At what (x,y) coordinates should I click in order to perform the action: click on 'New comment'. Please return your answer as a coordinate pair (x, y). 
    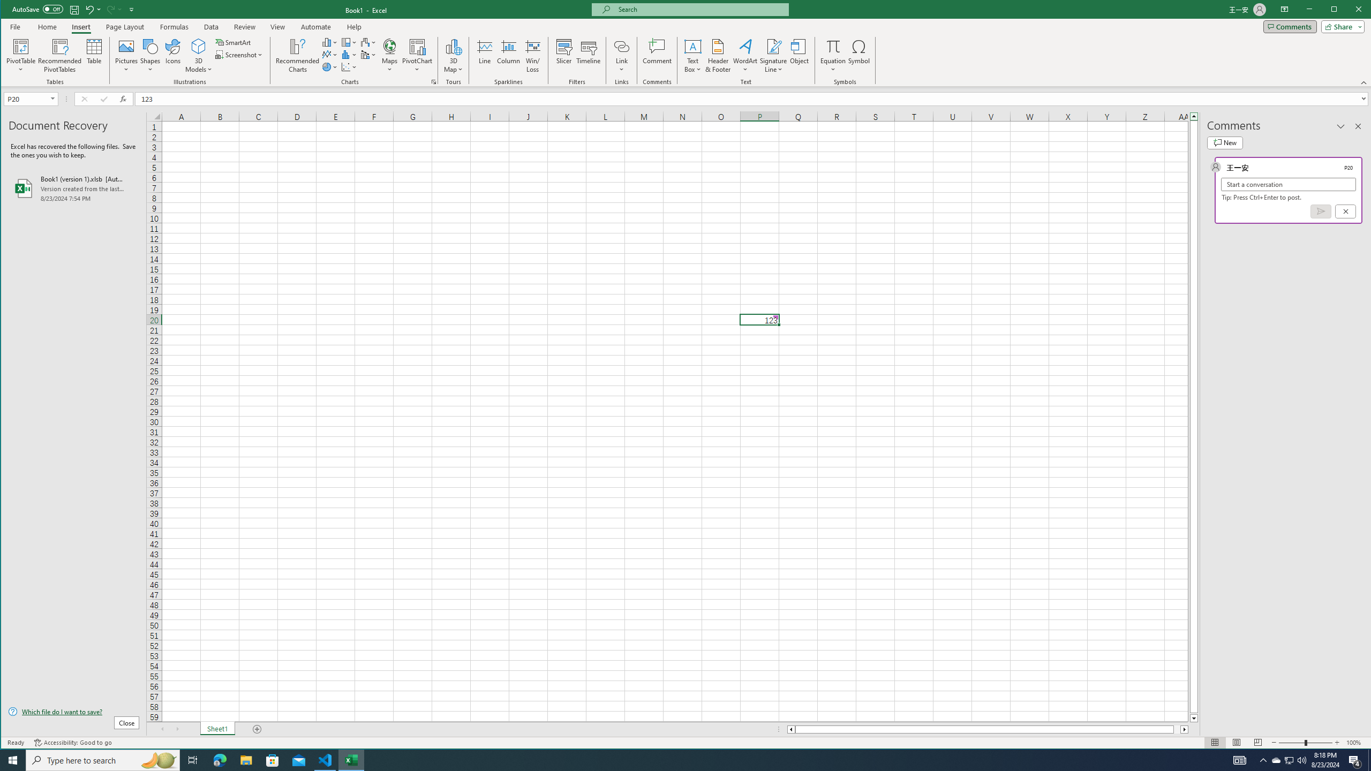
    Looking at the image, I should click on (1224, 143).